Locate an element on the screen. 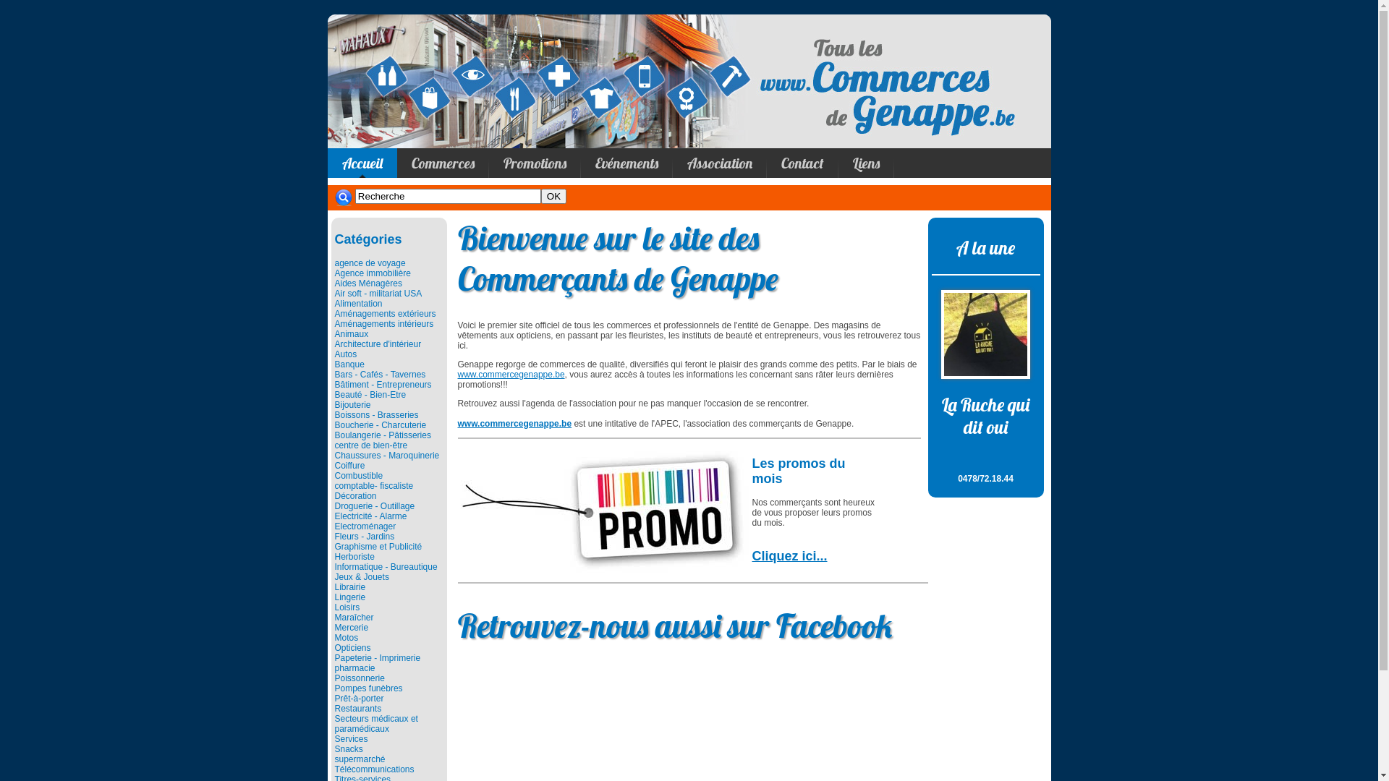  'Banque' is located at coordinates (333, 364).